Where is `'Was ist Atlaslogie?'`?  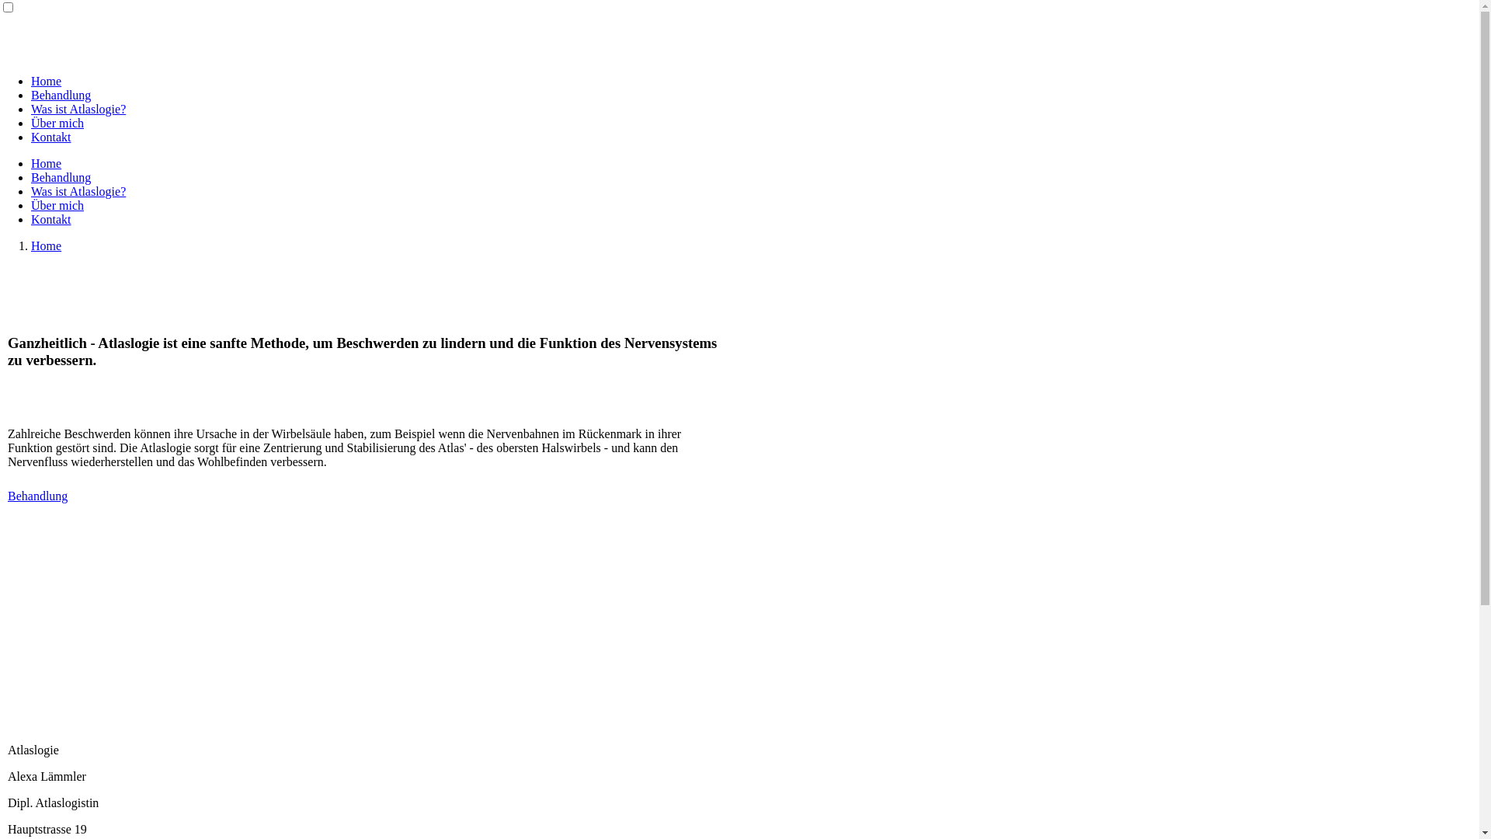
'Was ist Atlaslogie?' is located at coordinates (77, 190).